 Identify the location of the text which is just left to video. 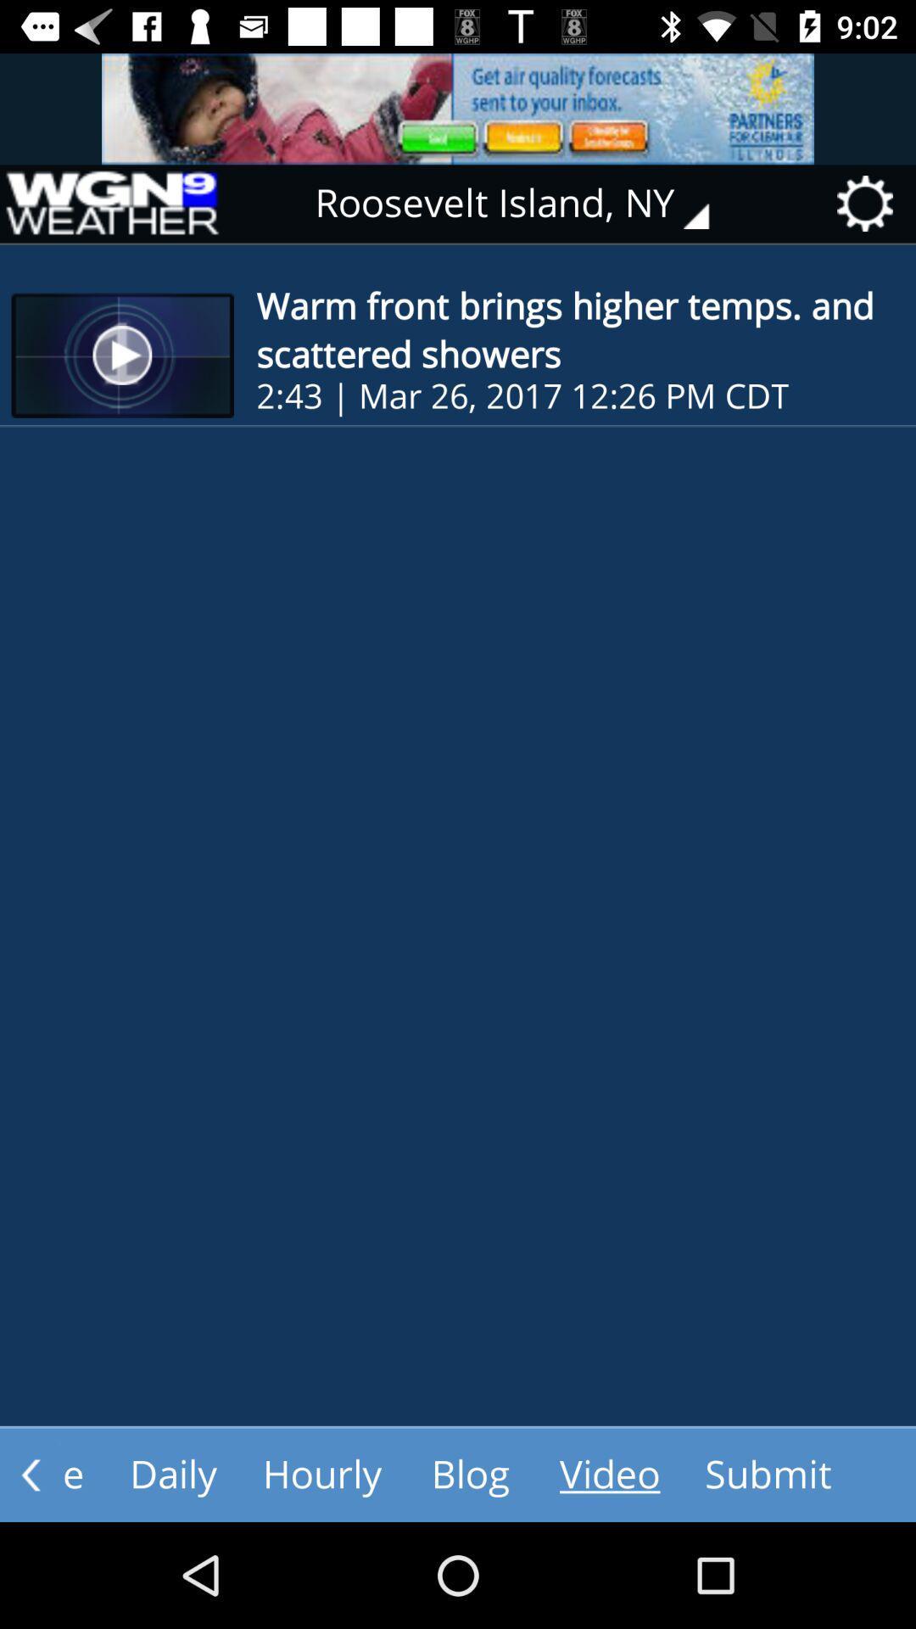
(471, 1474).